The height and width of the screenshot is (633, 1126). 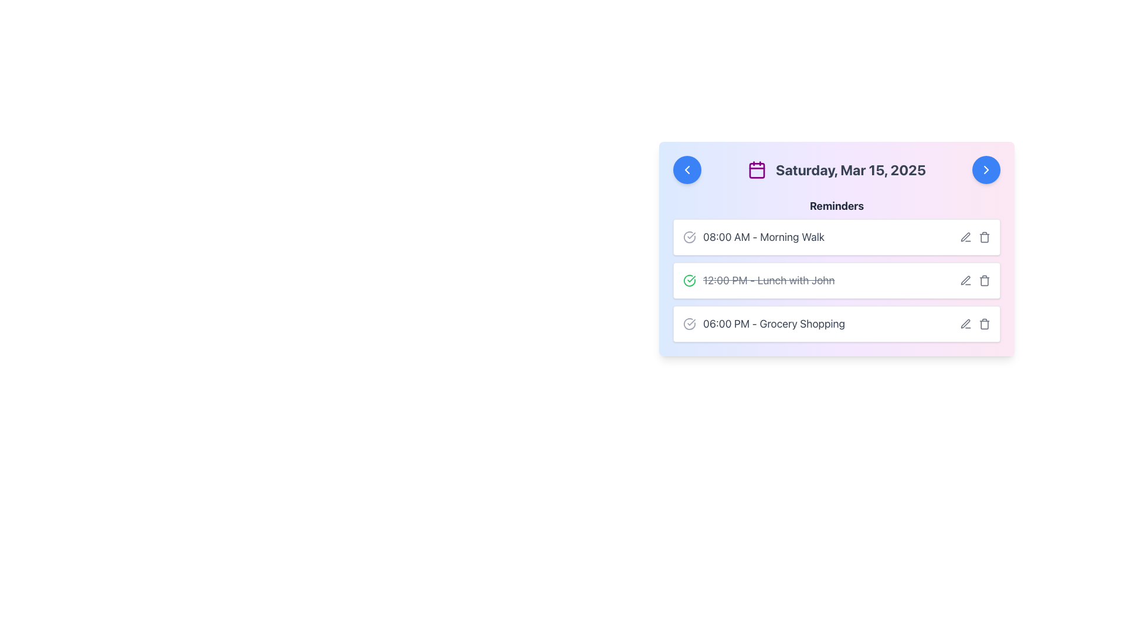 What do you see at coordinates (690, 280) in the screenshot?
I see `the interactive SVG checkmark icon indicating a completed task for the reminder entry of '12:00 PM - Lunch with John'` at bounding box center [690, 280].